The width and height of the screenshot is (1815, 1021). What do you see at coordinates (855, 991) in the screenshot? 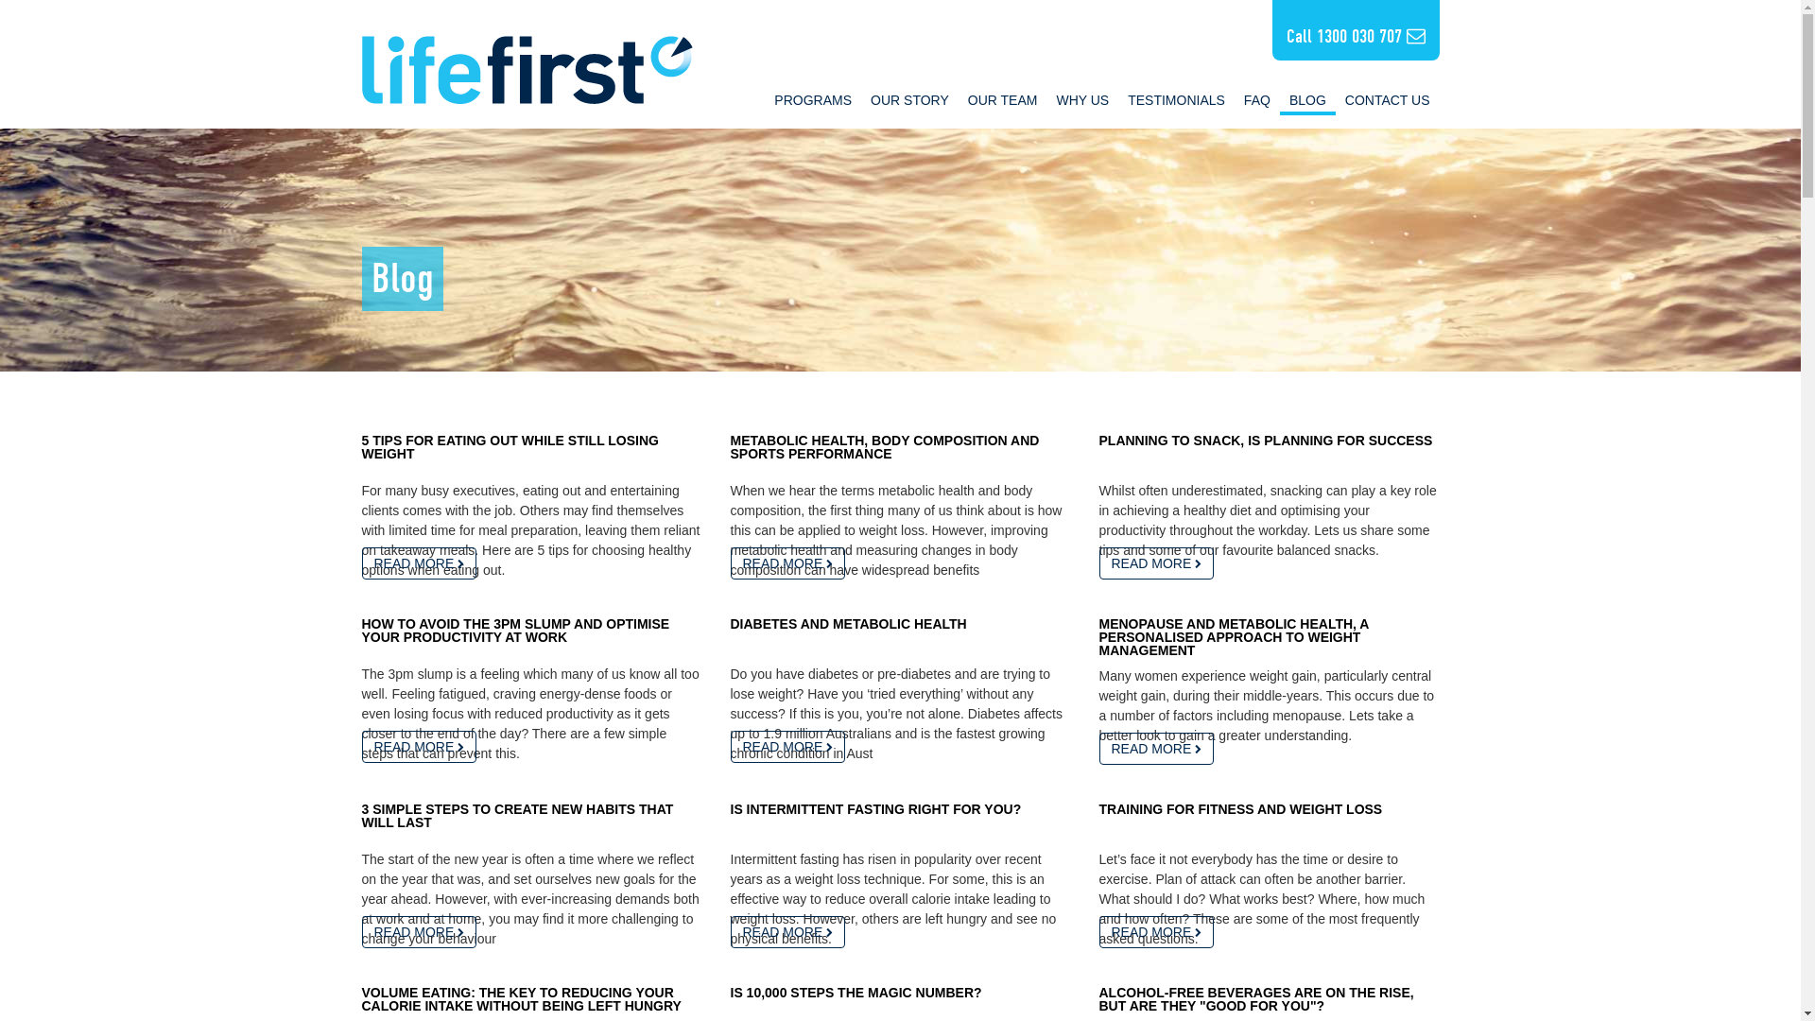
I see `'IS 10,000 STEPS THE MAGIC NUMBER?'` at bounding box center [855, 991].